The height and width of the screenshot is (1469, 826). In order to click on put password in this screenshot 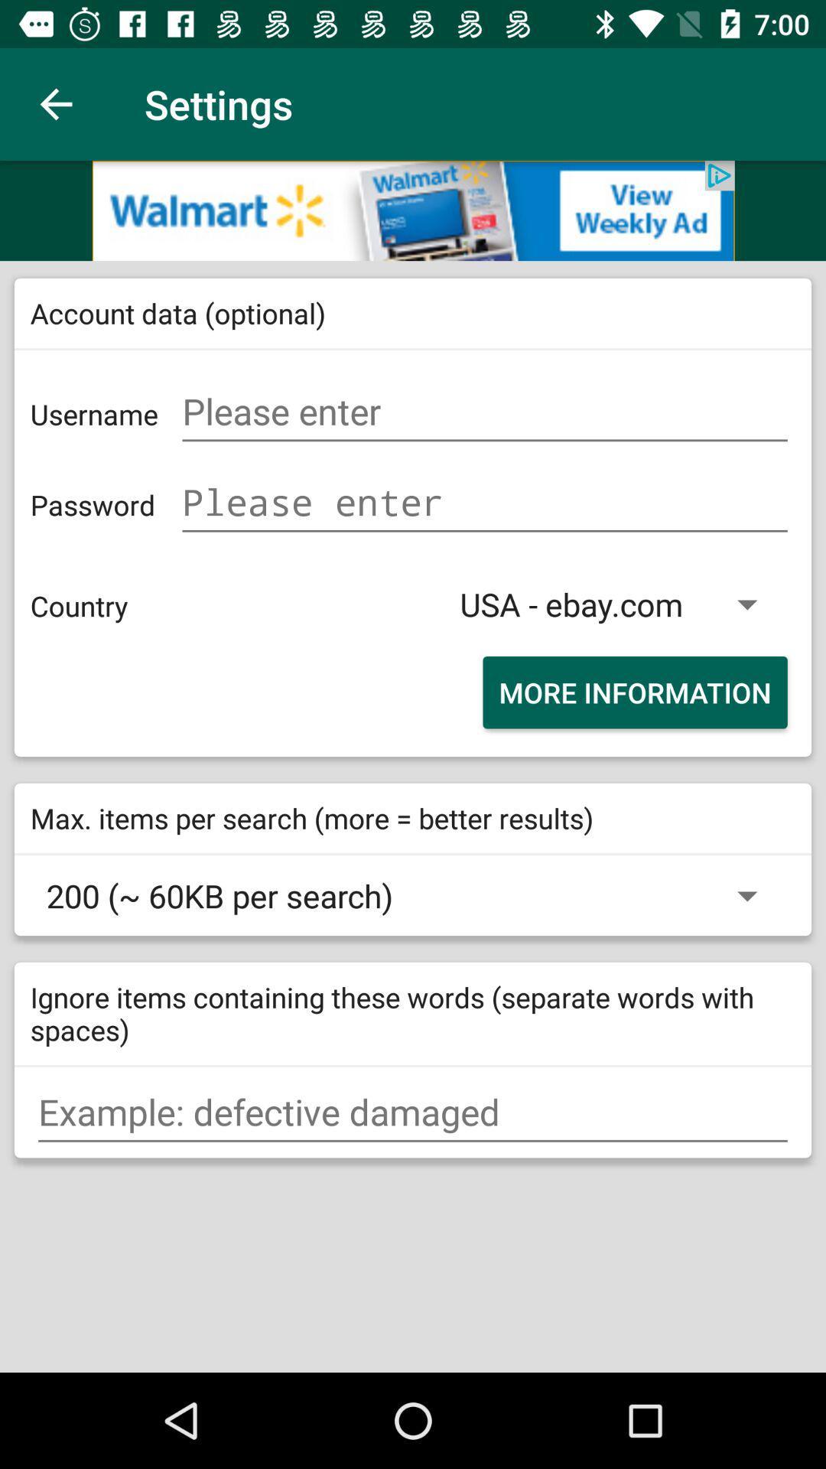, I will do `click(485, 503)`.